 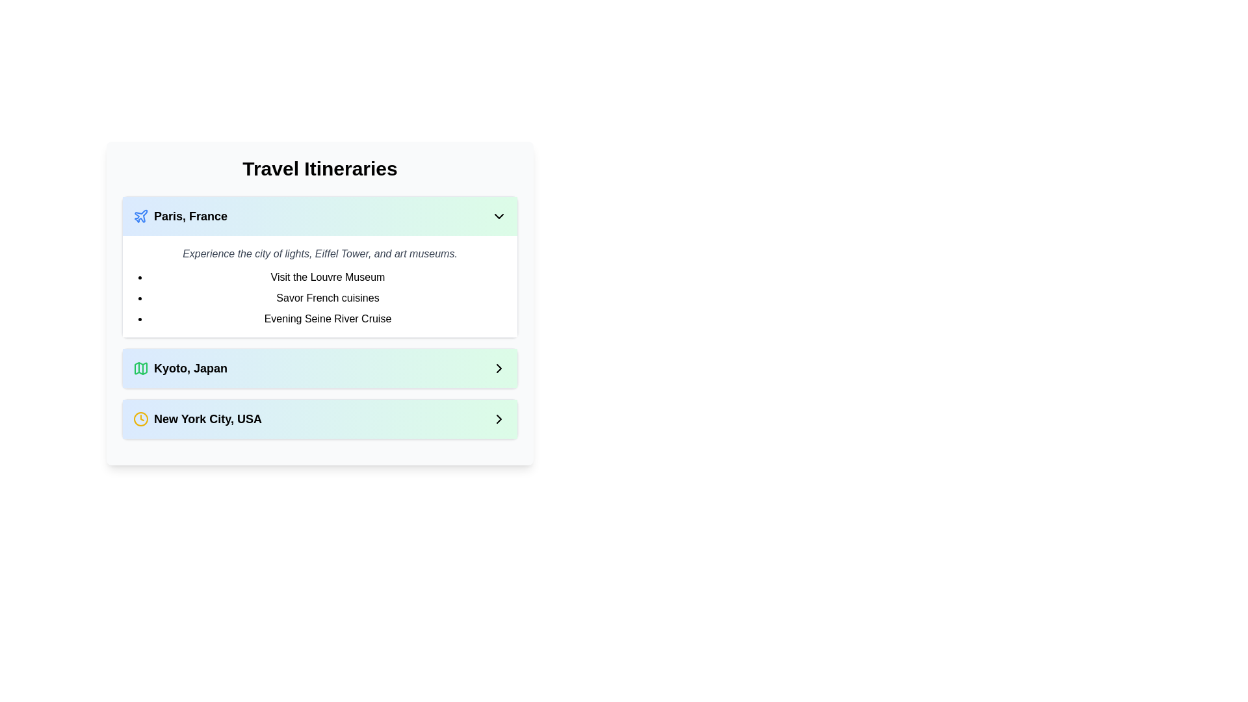 What do you see at coordinates (328, 318) in the screenshot?
I see `the third item in the bulleted list under 'Paris, France' in the 'Travel Itineraries' interface` at bounding box center [328, 318].